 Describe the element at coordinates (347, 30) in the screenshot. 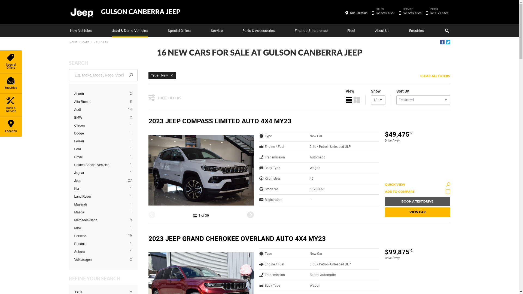

I see `'Fleet'` at that location.